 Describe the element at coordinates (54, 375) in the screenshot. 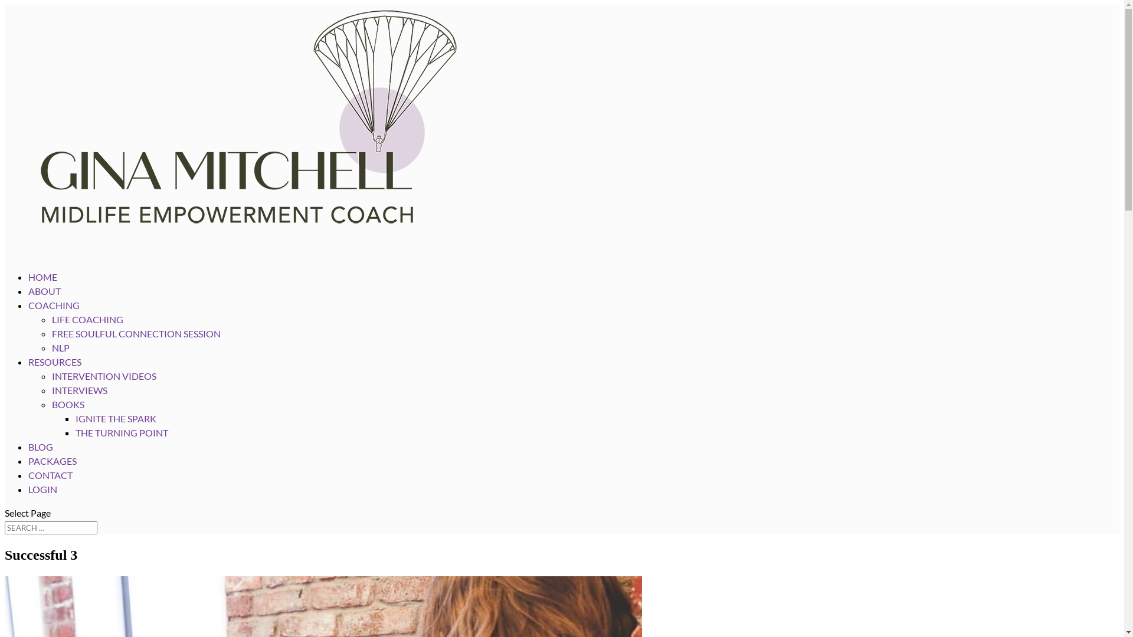

I see `'RESOURCES'` at that location.